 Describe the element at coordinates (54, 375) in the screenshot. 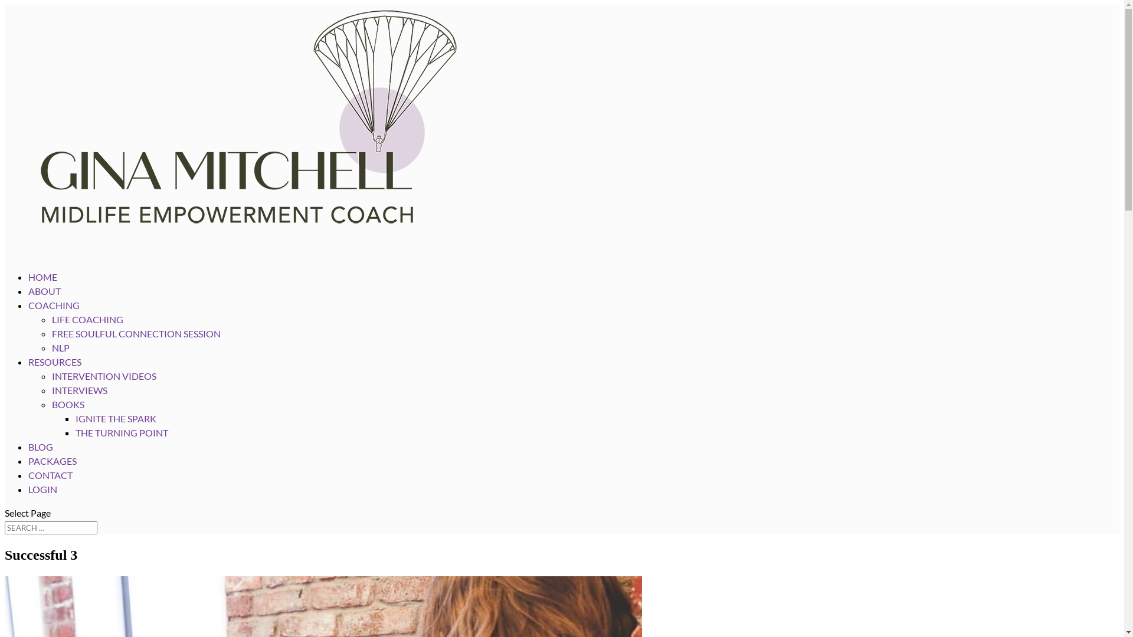

I see `'RESOURCES'` at that location.